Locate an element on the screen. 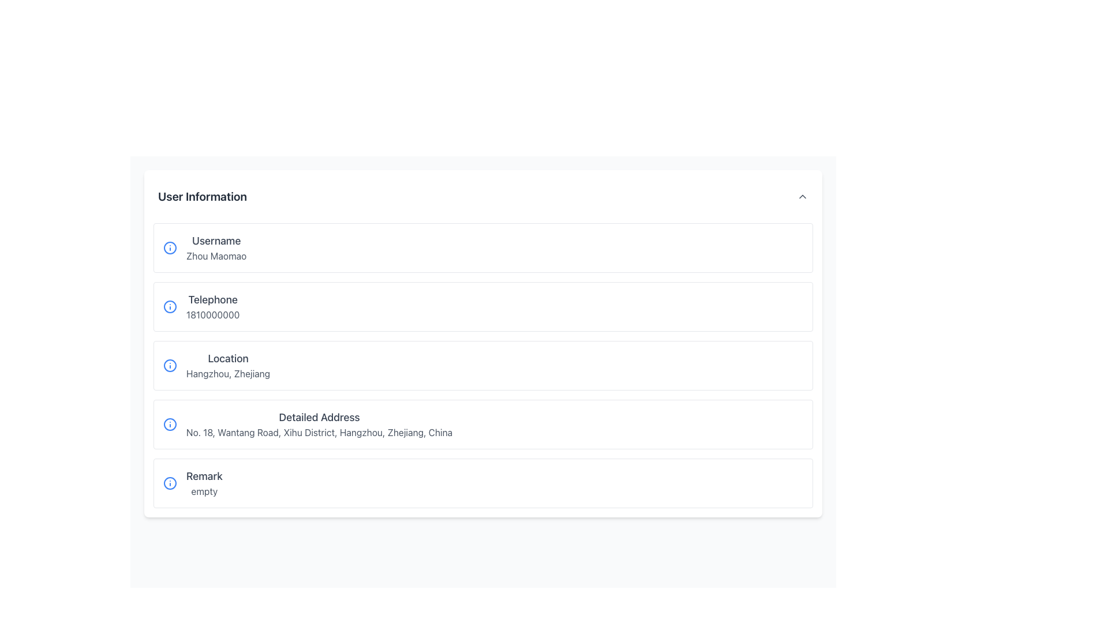  the Text Display element showing the address 'No. 18, Wantang Road, Xihu District, Hangzhou, Zhejiang, China' located under the 'Detailed Address' heading is located at coordinates (319, 432).